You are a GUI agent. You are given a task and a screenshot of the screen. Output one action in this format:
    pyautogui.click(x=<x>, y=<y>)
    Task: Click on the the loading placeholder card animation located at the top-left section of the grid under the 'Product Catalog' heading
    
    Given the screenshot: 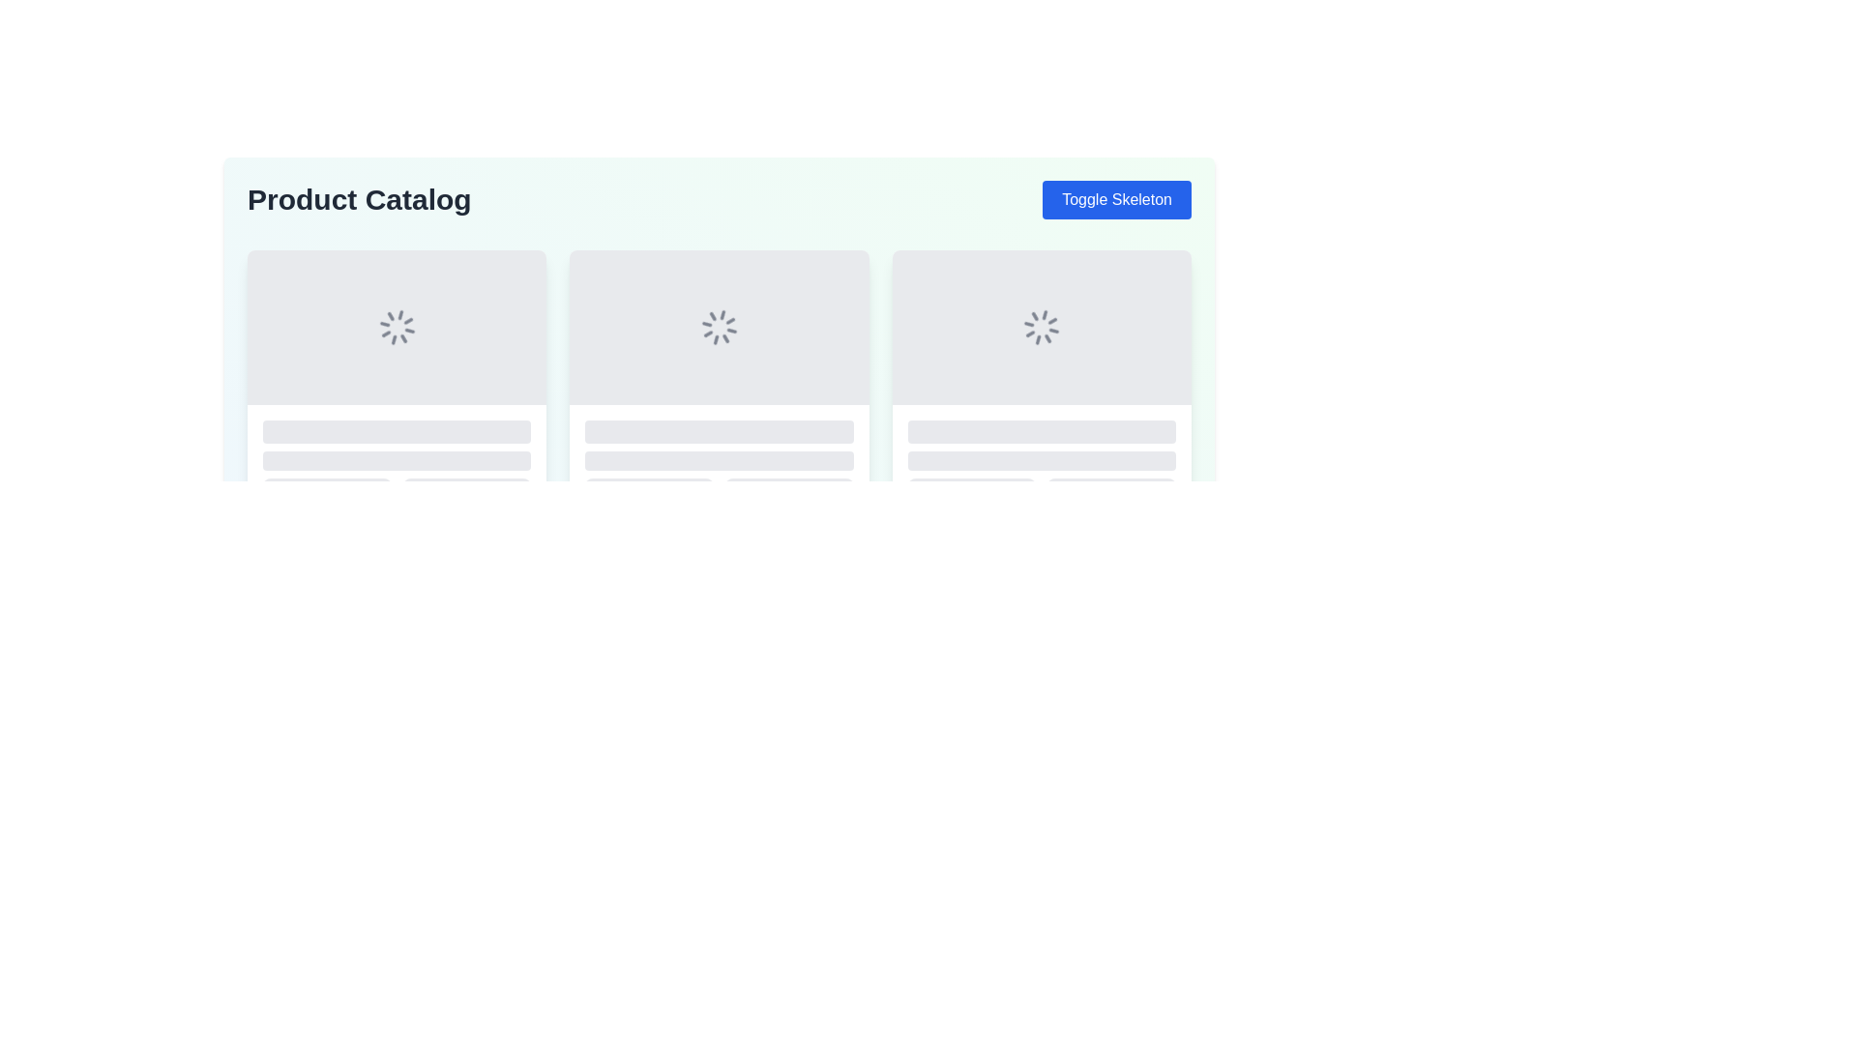 What is the action you would take?
    pyautogui.click(x=396, y=380)
    